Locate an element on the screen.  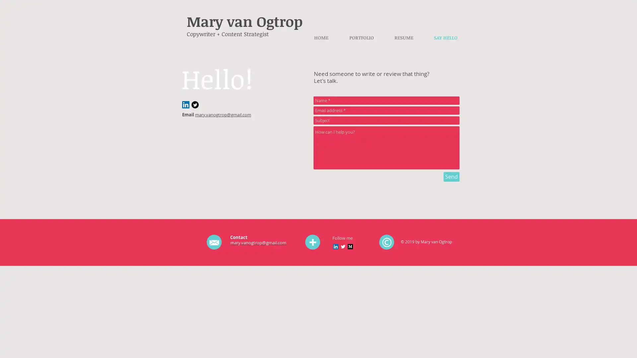
Send is located at coordinates (451, 176).